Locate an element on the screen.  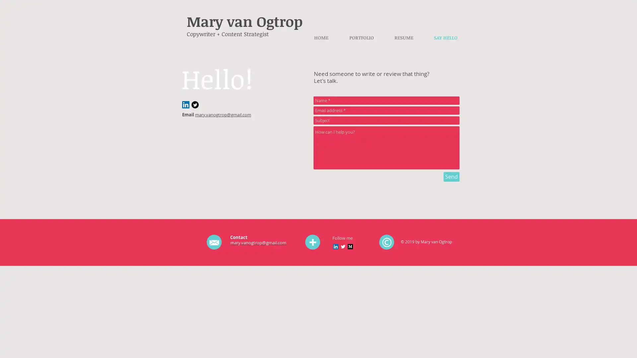
Send is located at coordinates (451, 176).